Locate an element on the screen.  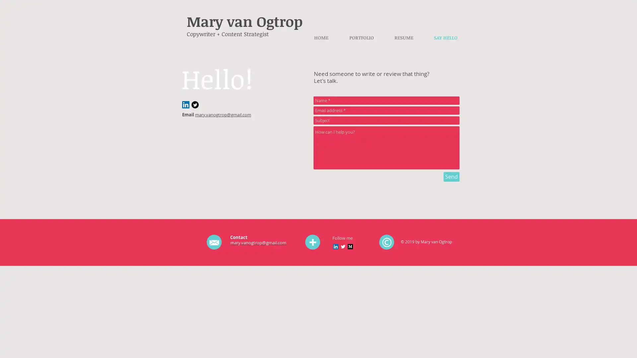
Send is located at coordinates (451, 176).